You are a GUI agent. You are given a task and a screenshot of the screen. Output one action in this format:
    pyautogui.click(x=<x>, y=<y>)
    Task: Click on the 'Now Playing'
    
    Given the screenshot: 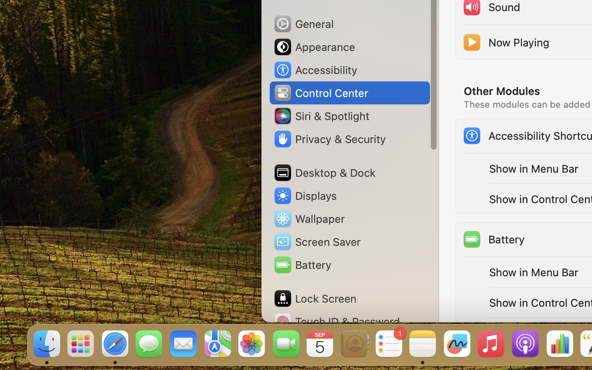 What is the action you would take?
    pyautogui.click(x=505, y=41)
    